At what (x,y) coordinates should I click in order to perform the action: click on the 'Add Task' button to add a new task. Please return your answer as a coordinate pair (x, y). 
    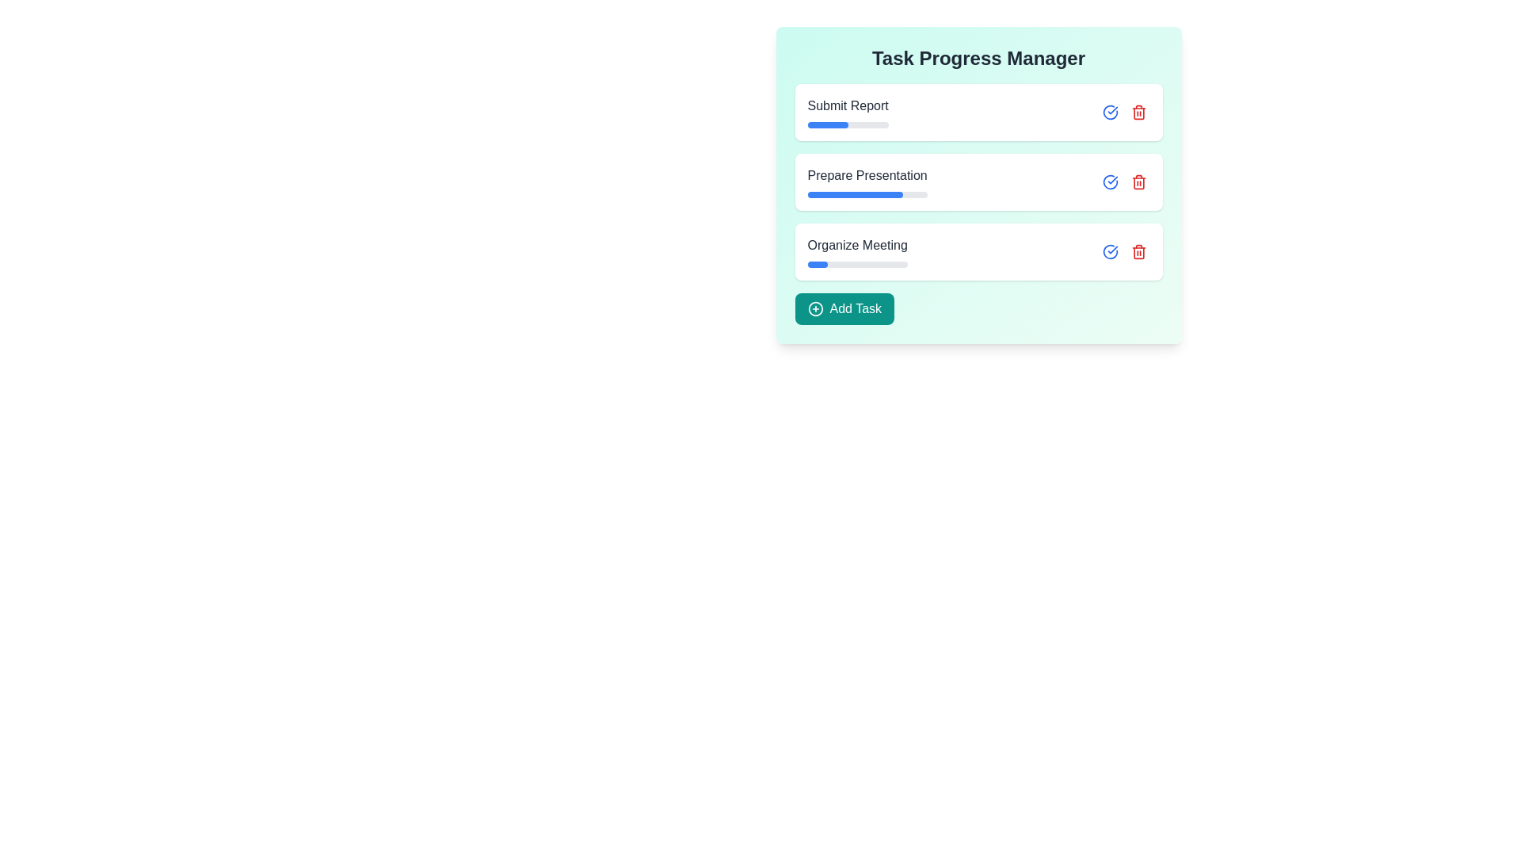
    Looking at the image, I should click on (843, 308).